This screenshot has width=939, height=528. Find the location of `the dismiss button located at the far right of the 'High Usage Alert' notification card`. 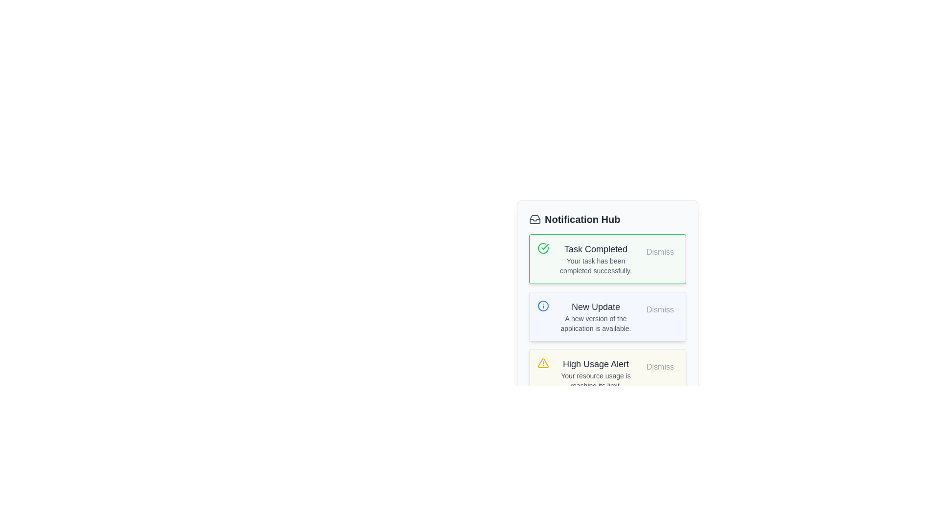

the dismiss button located at the far right of the 'High Usage Alert' notification card is located at coordinates (660, 367).